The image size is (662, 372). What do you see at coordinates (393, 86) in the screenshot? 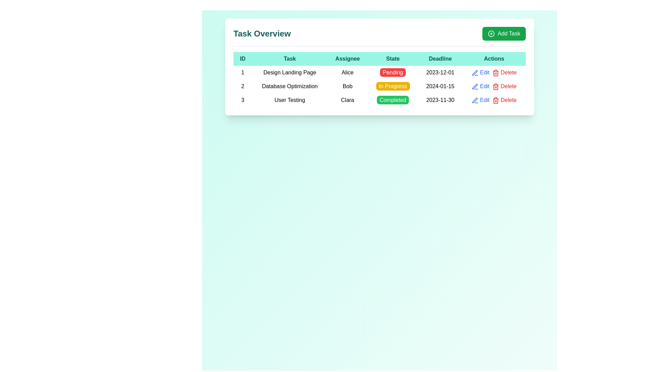
I see `the 'In Progress' Badge in the 'State' column of the 'Database Optimization' row to visually represent the task status` at bounding box center [393, 86].